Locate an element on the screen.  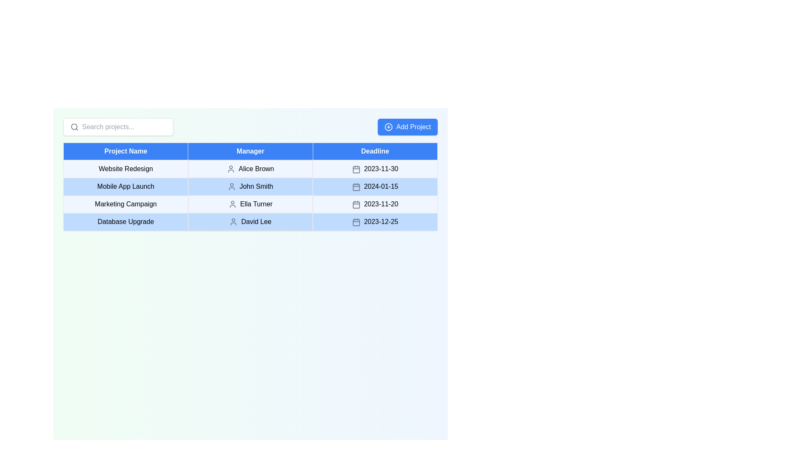
the modern gray calendar icon located in the 'Deadline' column of the third row, to the left of the text '2023-11-20' is located at coordinates (356, 204).